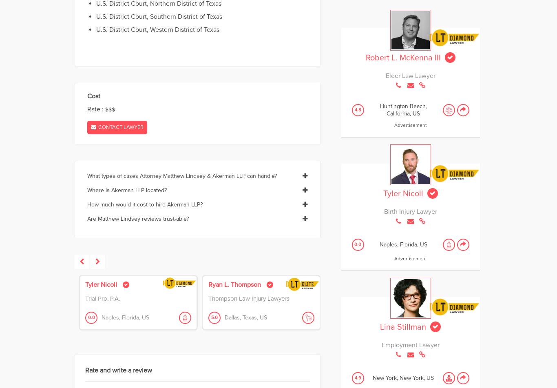 This screenshot has height=388, width=557. I want to click on 'Elder Law Lawyer', so click(385, 76).